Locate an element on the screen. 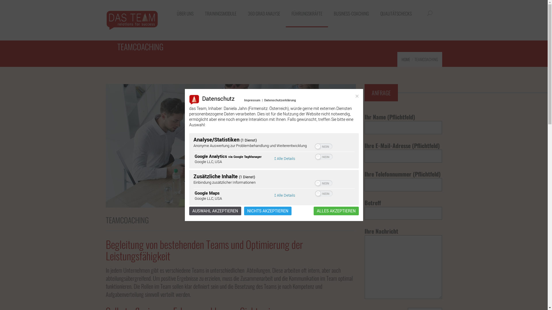  'NICHTS AKZEPTIEREN' is located at coordinates (267, 211).